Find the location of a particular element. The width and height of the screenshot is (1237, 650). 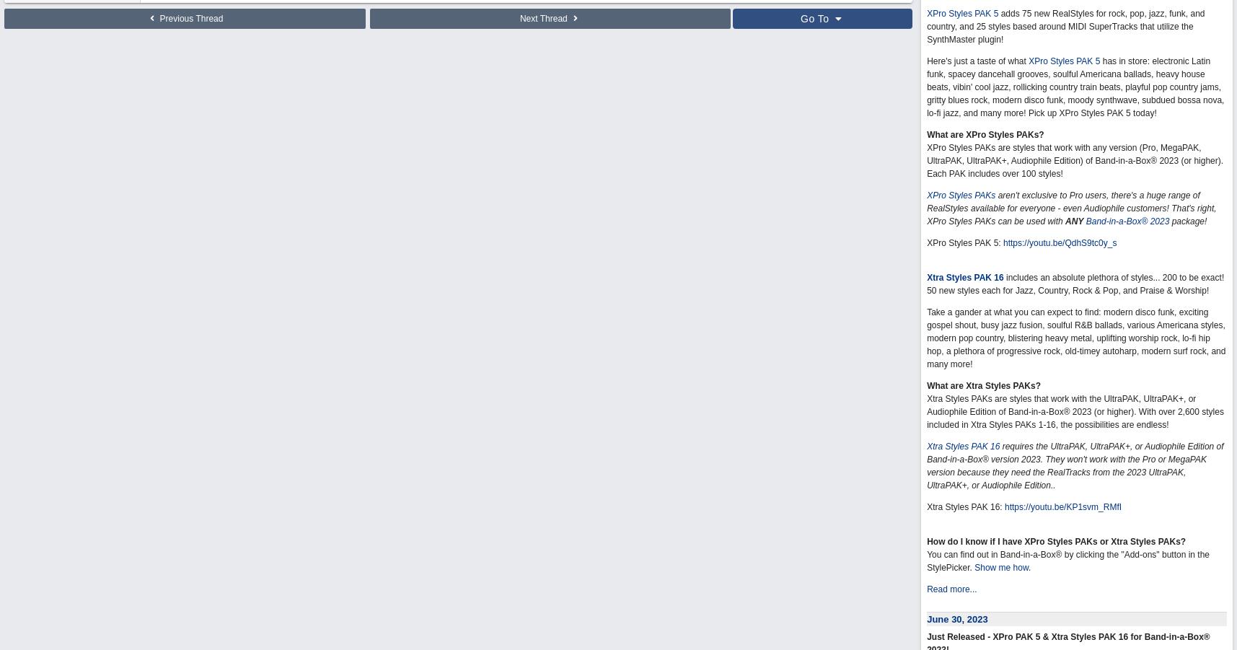

'requires the UltraPAK, UltraPAK+, or Audiophile Edition of Band-in-a-Box® version 2023. They won't work with the Pro or MegaPAK version because they need the RealTracks from the 2023 UltraPAK, UltraPAK+, or Audiophile Edition..' is located at coordinates (1074, 465).